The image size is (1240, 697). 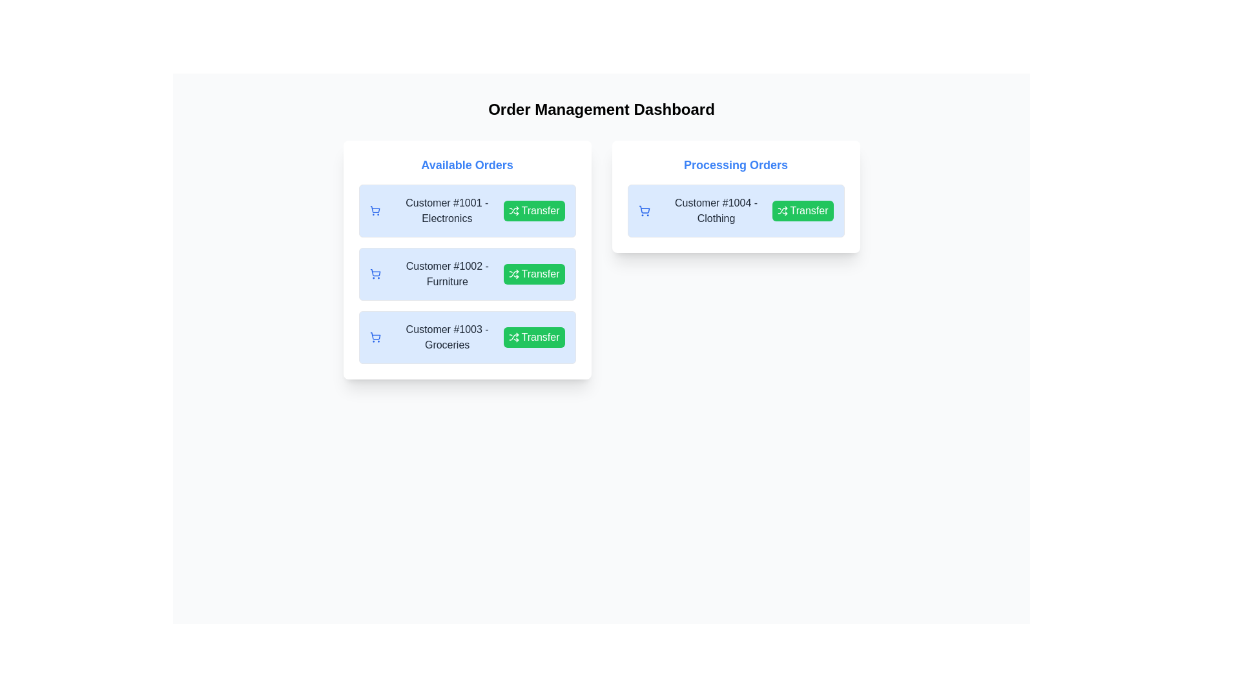 What do you see at coordinates (375, 337) in the screenshot?
I see `the 'Shopping Cart' icon representing 'Customer #1003 - Groceries'` at bounding box center [375, 337].